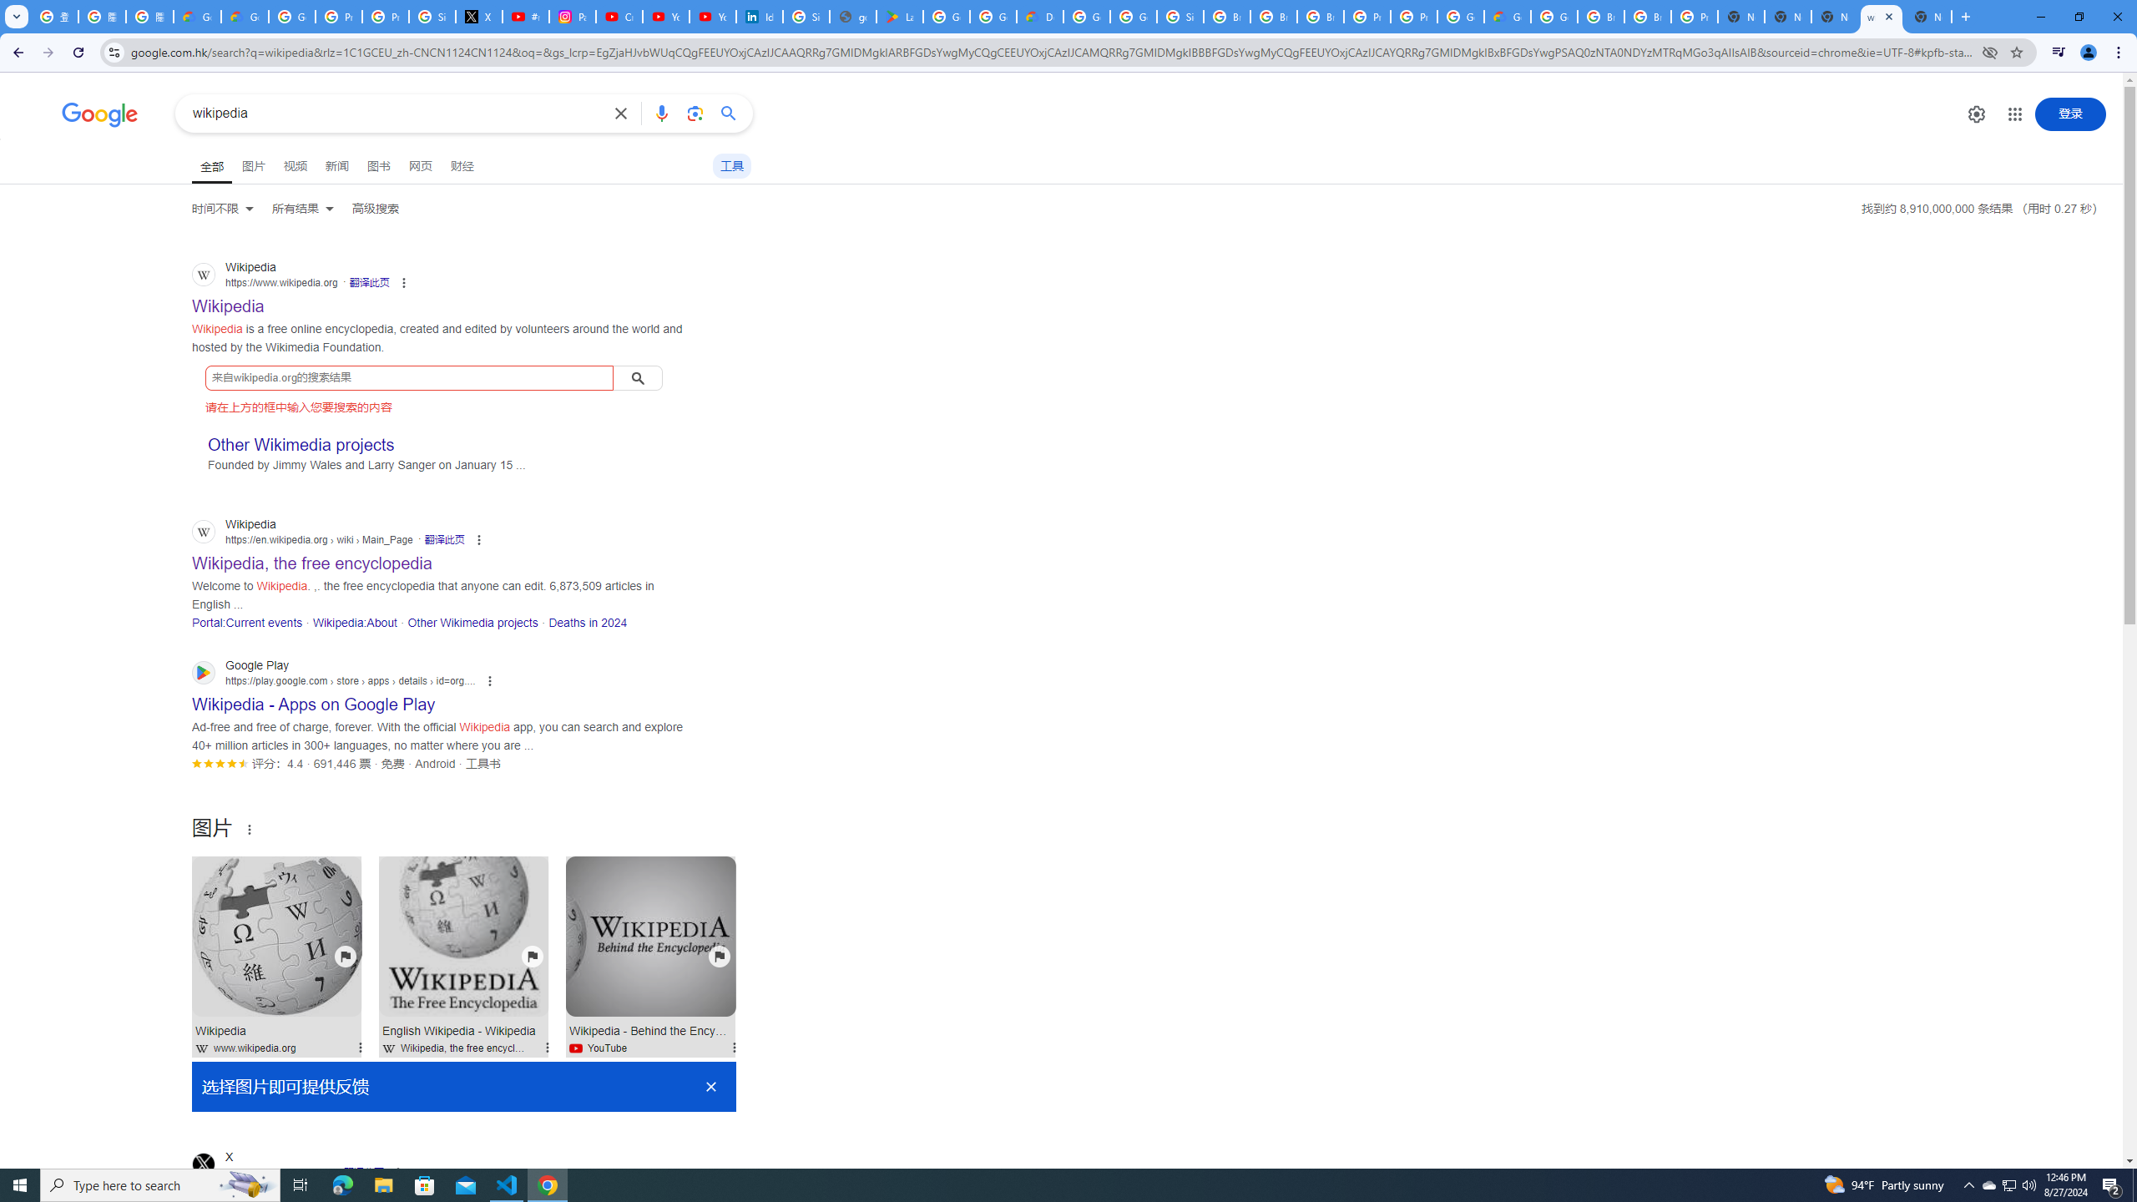  I want to click on 'Google Cloud Estimate Summary', so click(1507, 16).